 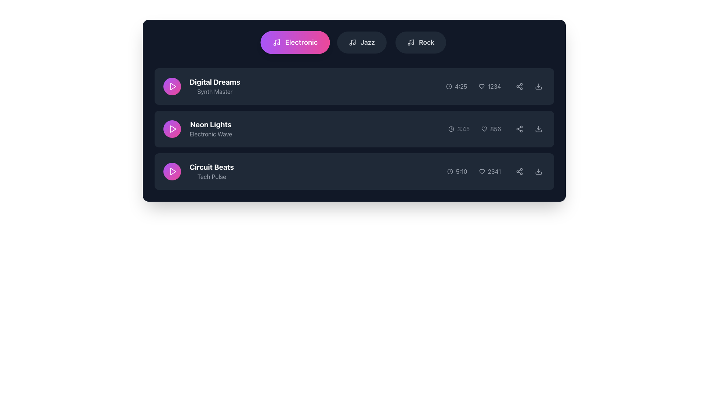 I want to click on the text label displaying '2341', which is styled in gray and located next to a heart icon in the 'Circuit Beats' row of music tracks, so click(x=490, y=171).